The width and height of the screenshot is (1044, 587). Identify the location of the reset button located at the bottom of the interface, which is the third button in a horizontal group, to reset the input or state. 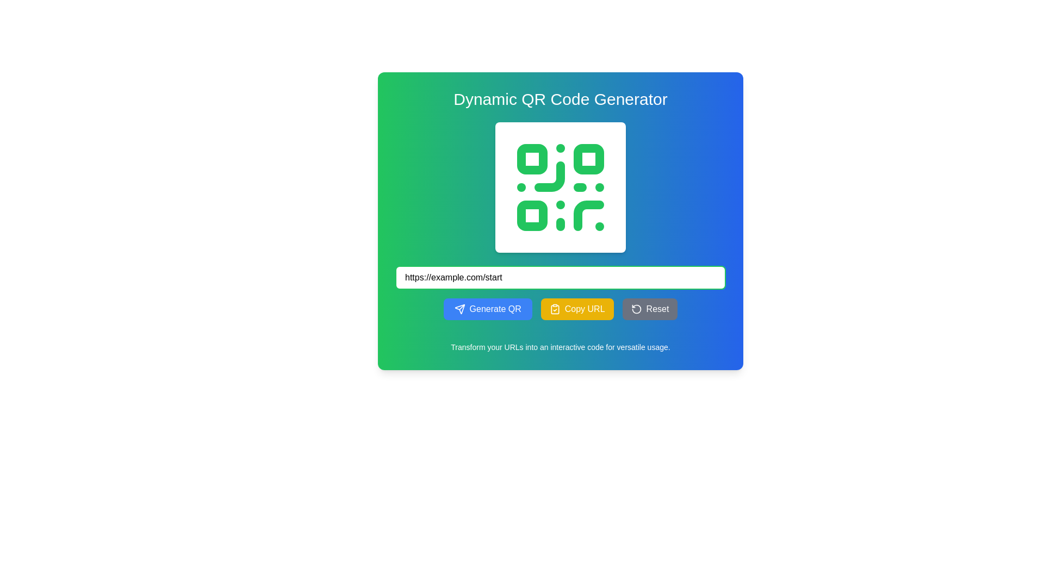
(650, 309).